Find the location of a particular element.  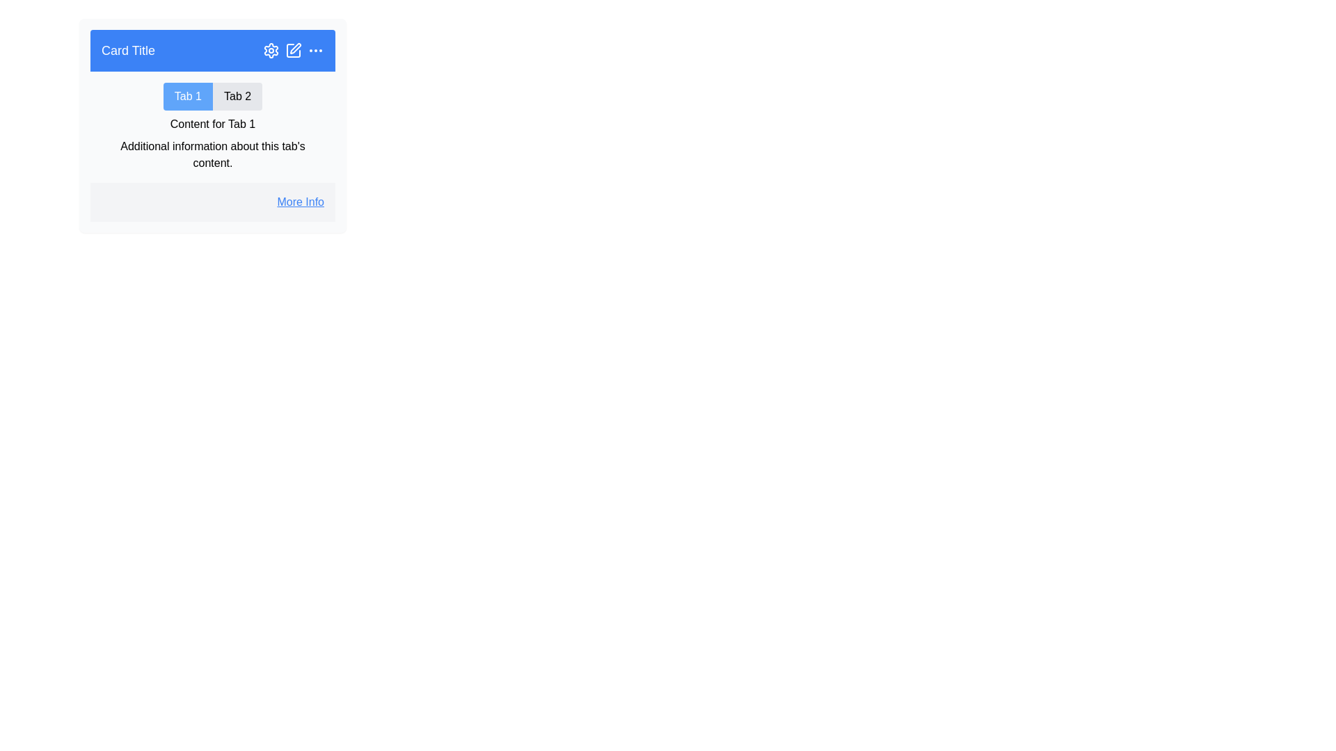

the pen icon in the top-right corner of the card is located at coordinates (295, 47).